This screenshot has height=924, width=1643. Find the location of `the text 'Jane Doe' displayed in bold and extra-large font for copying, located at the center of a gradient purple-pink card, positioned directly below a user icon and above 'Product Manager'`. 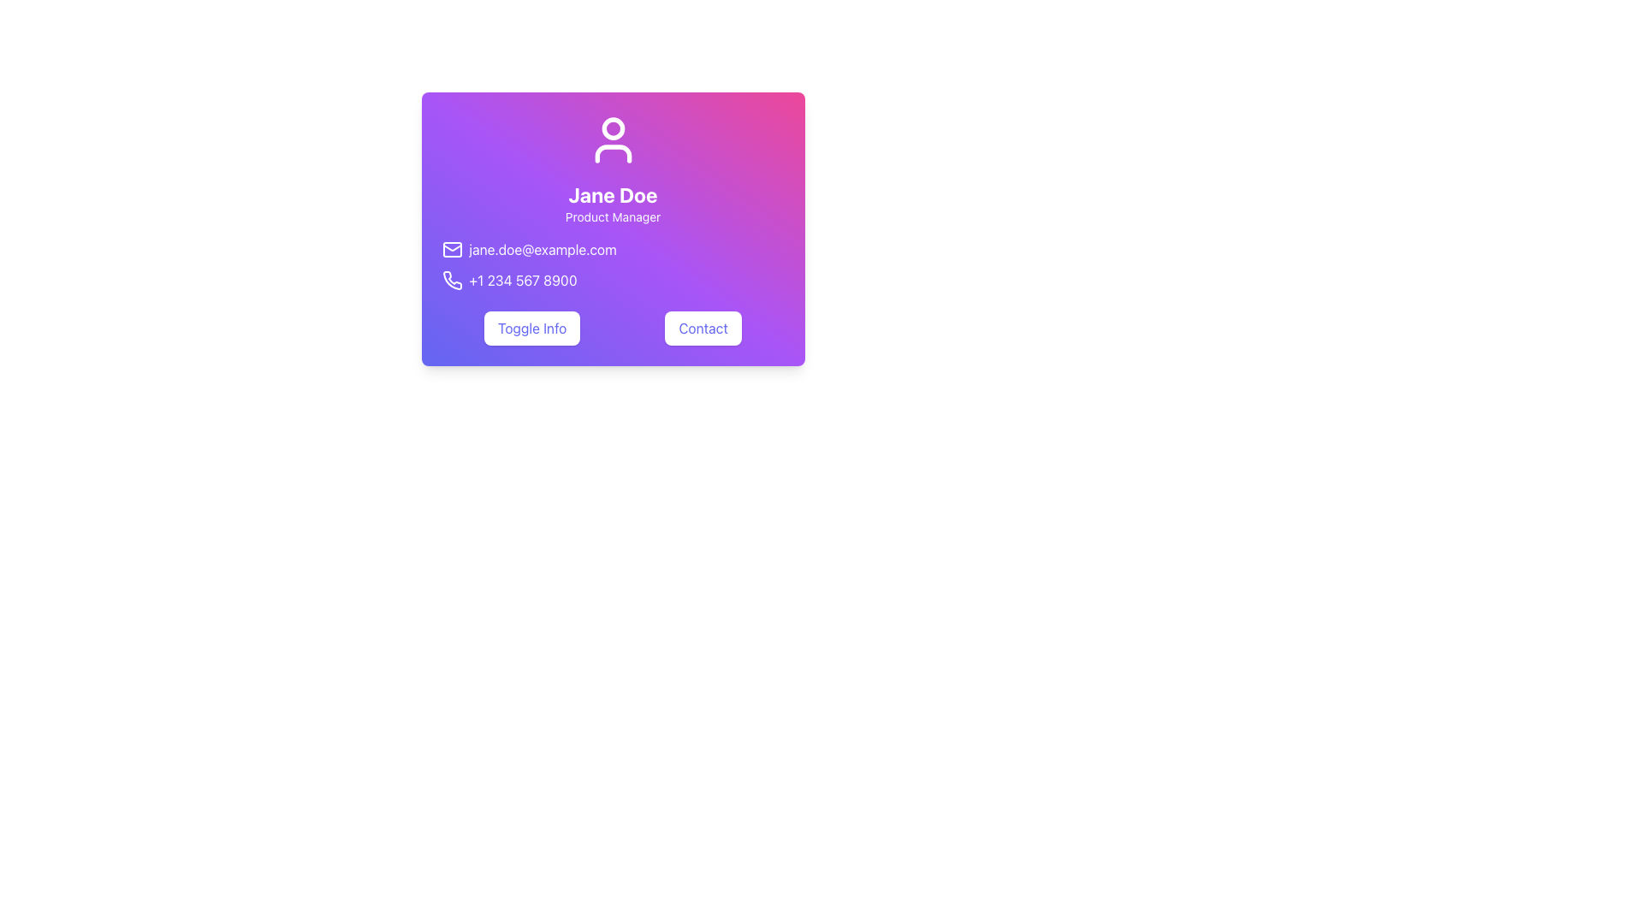

the text 'Jane Doe' displayed in bold and extra-large font for copying, located at the center of a gradient purple-pink card, positioned directly below a user icon and above 'Product Manager' is located at coordinates (613, 193).